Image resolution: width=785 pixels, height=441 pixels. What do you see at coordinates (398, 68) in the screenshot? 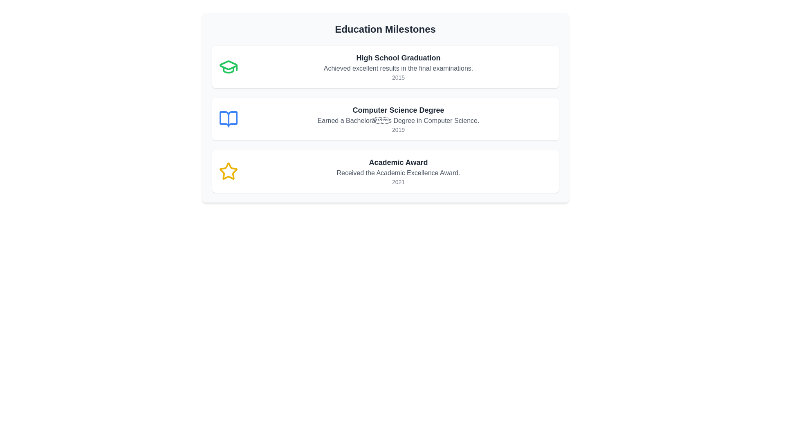
I see `the text label that provides additional information about the 'High School Graduation' milestone, positioned under the title 'High School Graduation' and above the year '2015'` at bounding box center [398, 68].